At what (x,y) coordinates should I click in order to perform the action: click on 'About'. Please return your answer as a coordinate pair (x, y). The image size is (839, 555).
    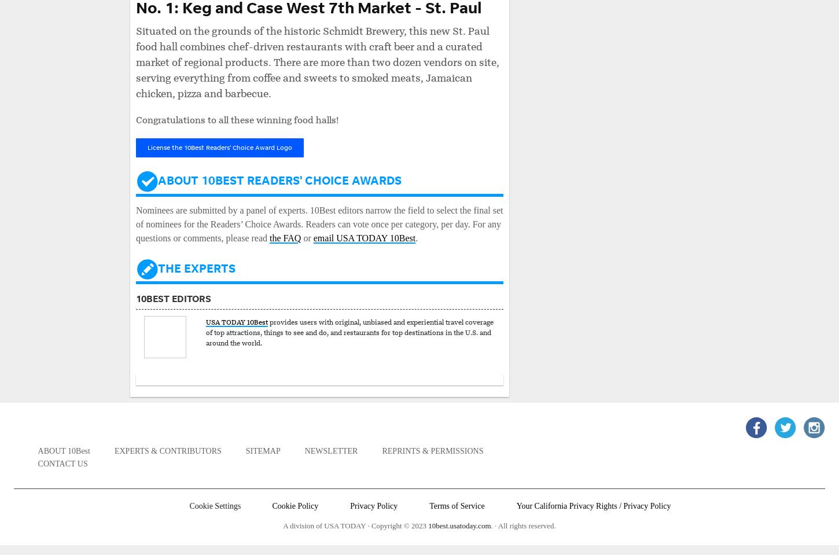
    Looking at the image, I should click on (53, 450).